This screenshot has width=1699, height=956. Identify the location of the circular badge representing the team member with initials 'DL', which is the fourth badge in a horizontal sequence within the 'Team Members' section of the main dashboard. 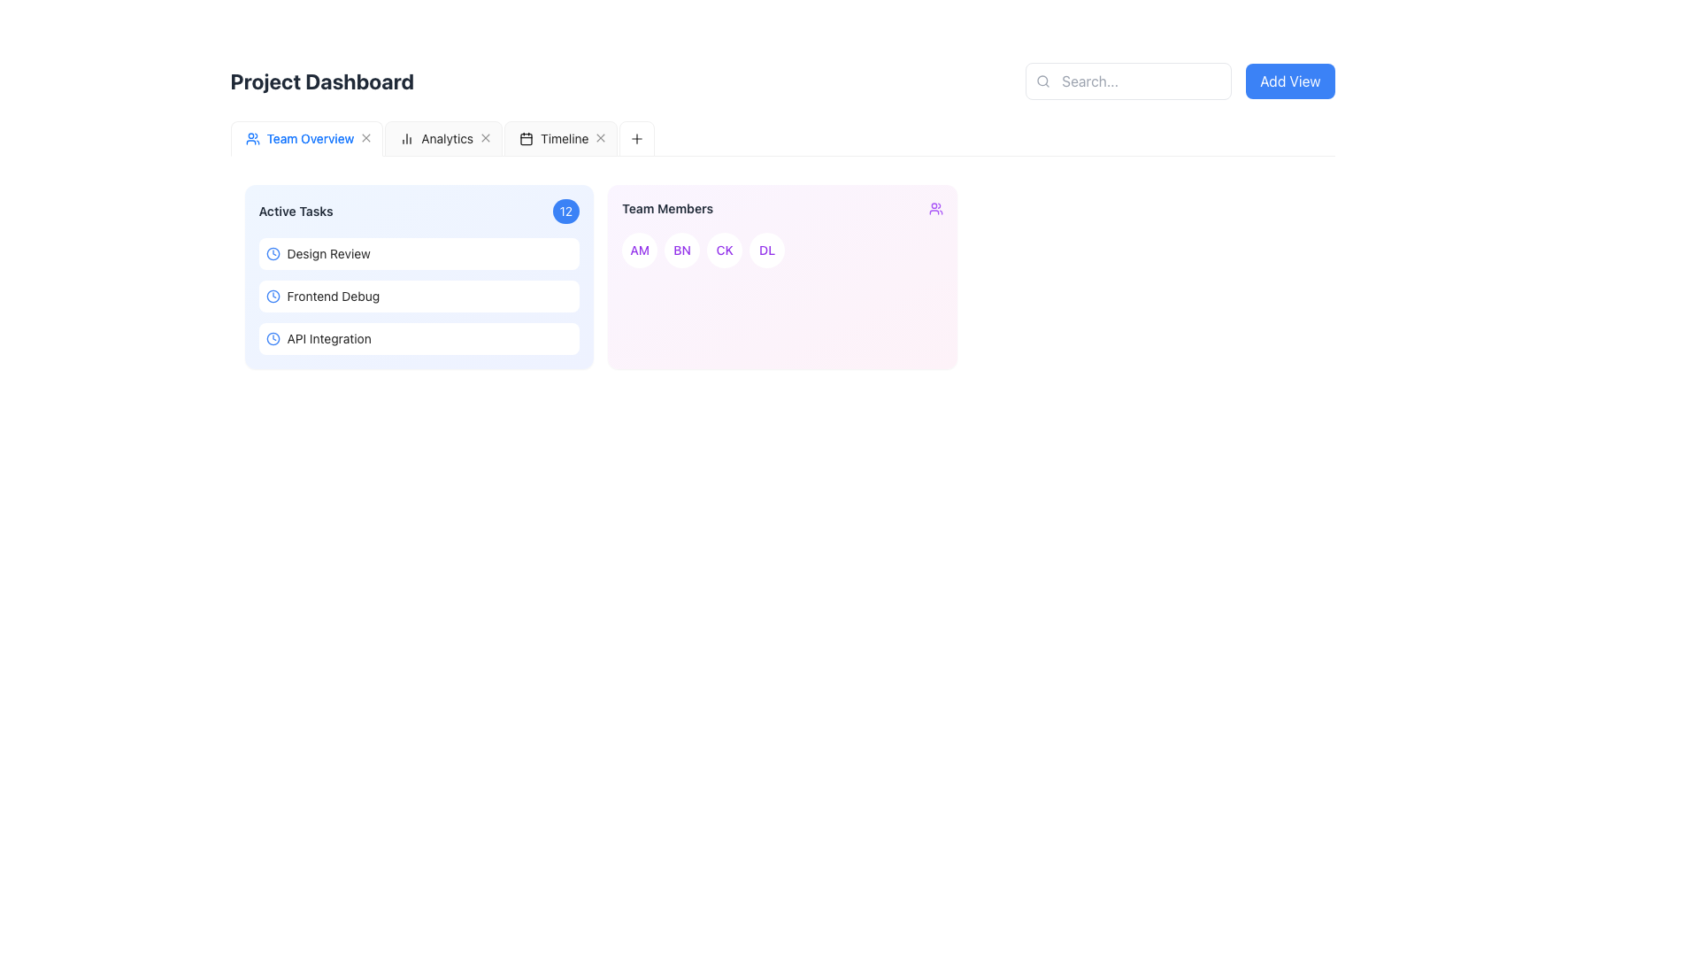
(767, 250).